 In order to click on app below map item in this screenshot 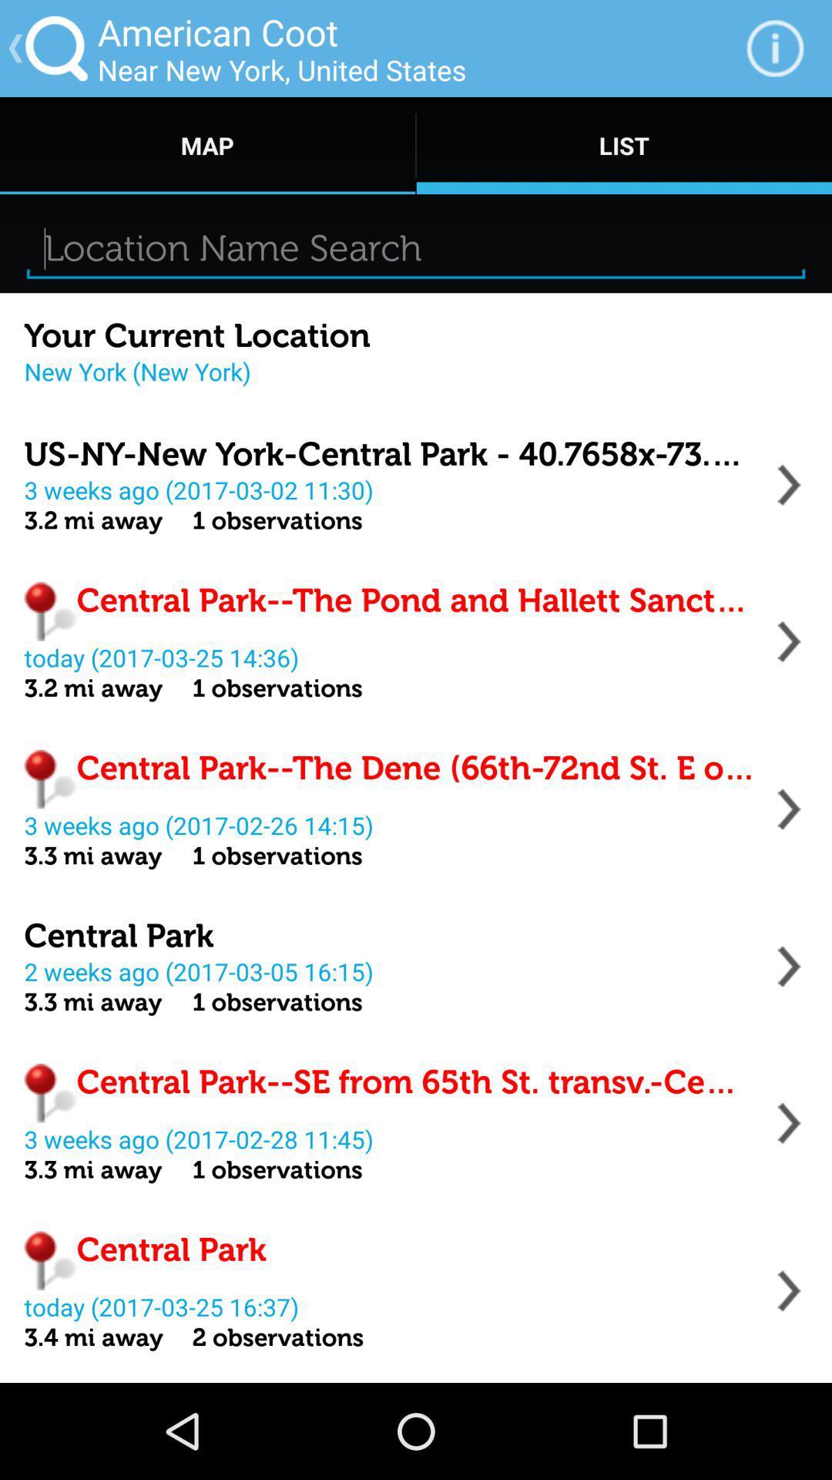, I will do `click(416, 248)`.